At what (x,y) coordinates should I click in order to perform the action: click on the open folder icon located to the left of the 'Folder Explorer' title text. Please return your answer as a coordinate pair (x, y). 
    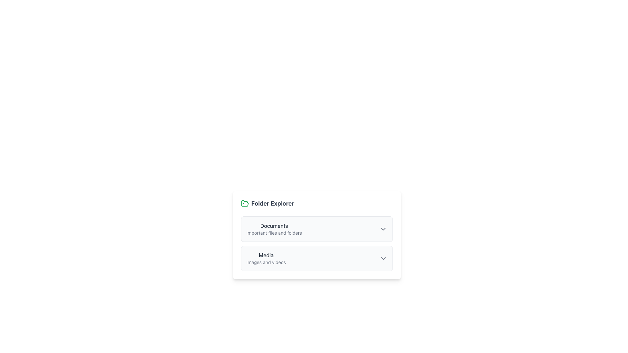
    Looking at the image, I should click on (244, 203).